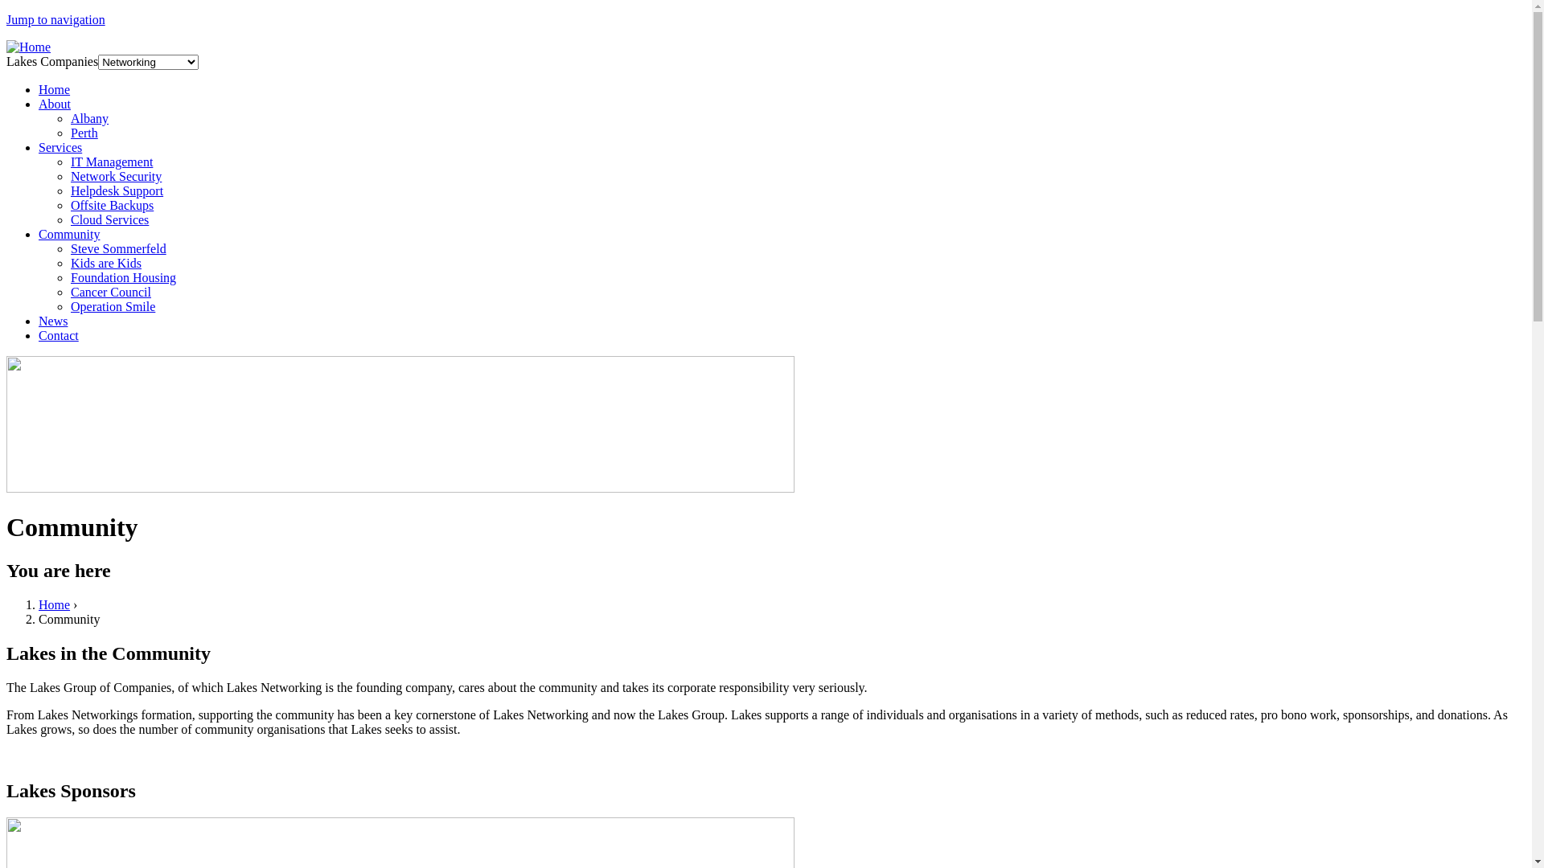 This screenshot has height=868, width=1544. What do you see at coordinates (109, 219) in the screenshot?
I see `'Cloud Services'` at bounding box center [109, 219].